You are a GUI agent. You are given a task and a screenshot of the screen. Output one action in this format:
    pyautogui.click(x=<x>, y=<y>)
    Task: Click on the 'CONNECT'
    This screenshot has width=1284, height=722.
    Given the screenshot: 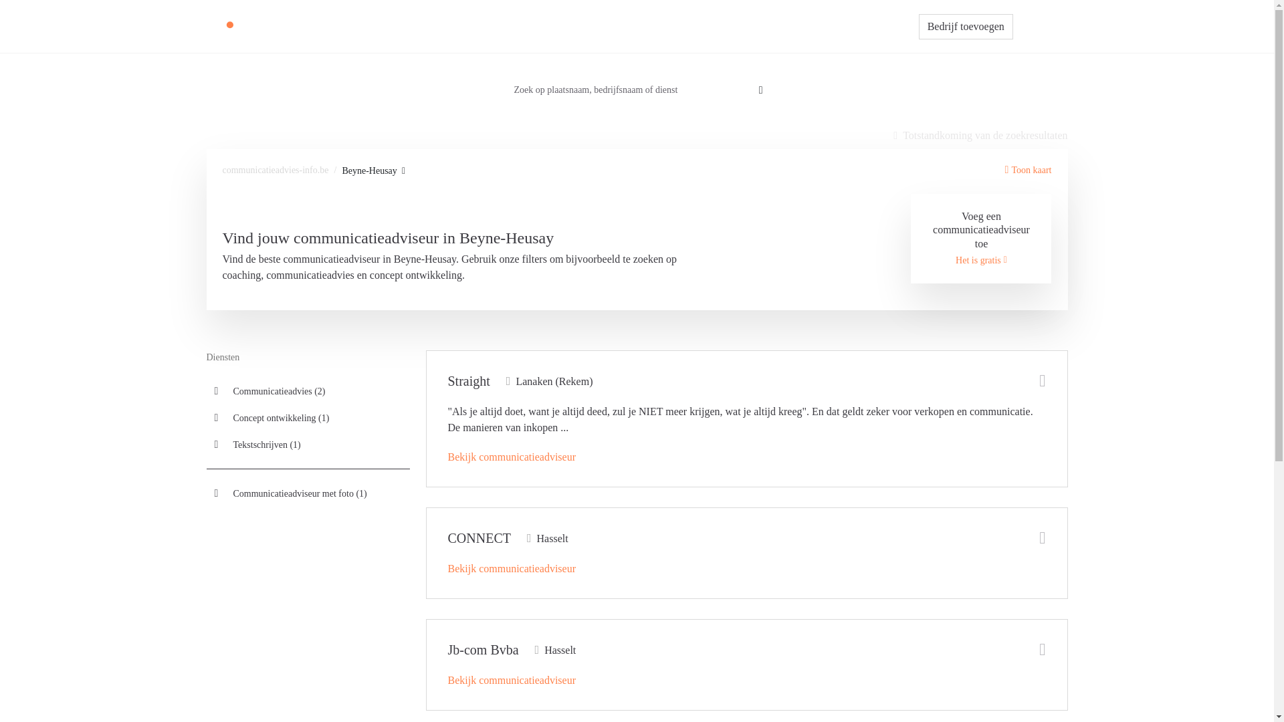 What is the action you would take?
    pyautogui.click(x=479, y=537)
    